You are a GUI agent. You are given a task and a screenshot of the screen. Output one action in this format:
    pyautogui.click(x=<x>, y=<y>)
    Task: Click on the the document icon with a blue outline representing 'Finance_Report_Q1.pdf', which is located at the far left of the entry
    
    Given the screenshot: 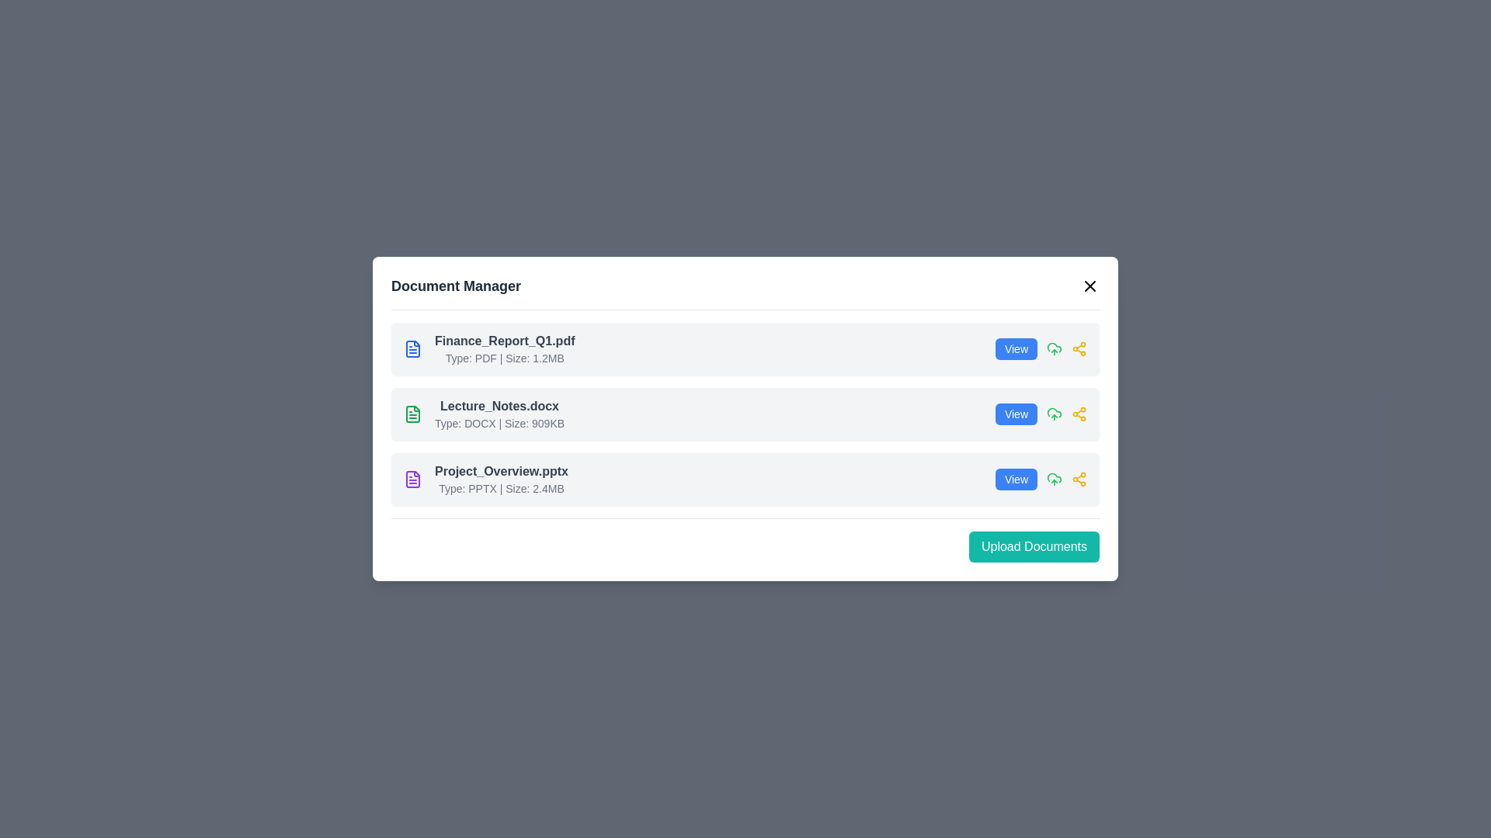 What is the action you would take?
    pyautogui.click(x=413, y=349)
    